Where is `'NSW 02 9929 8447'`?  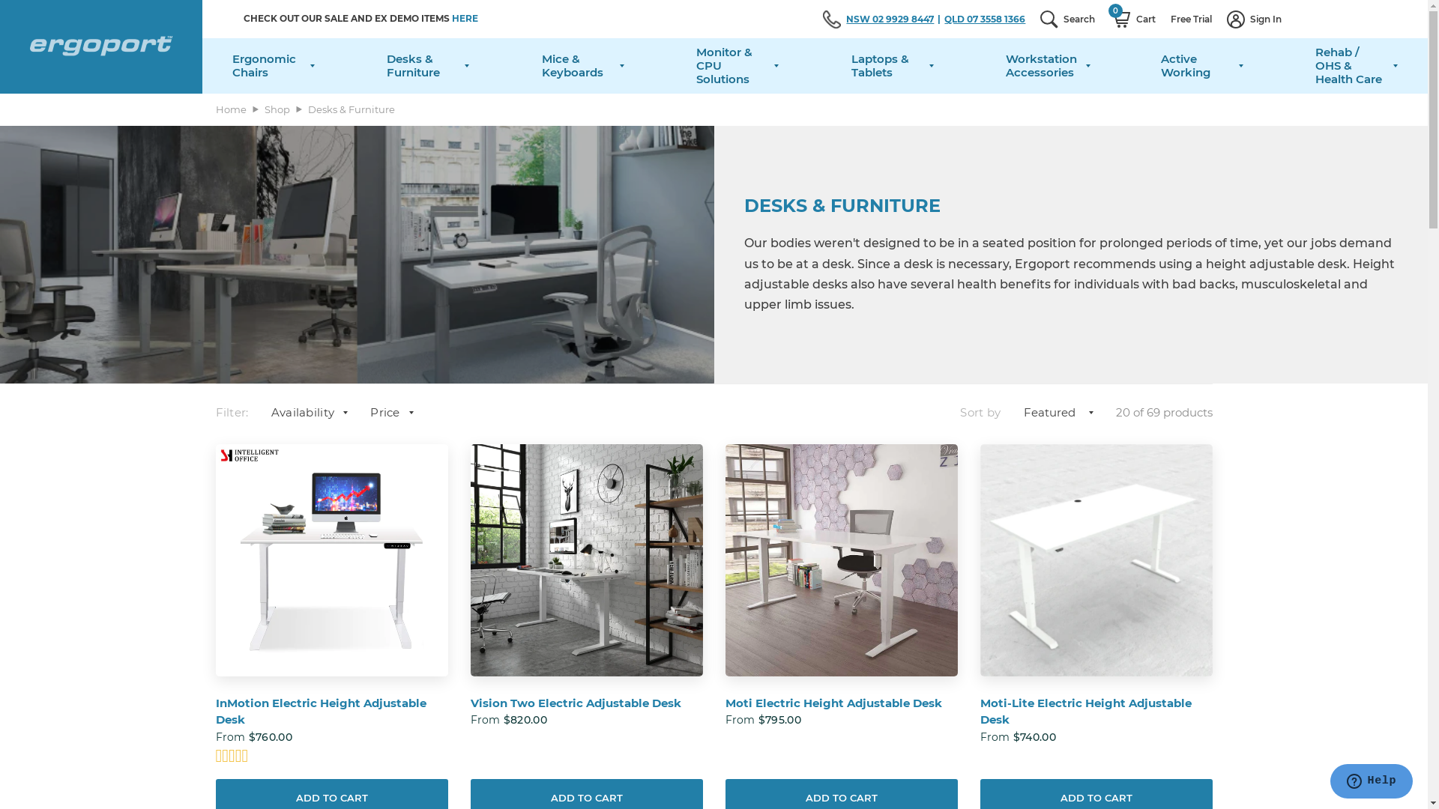
'NSW 02 9929 8447' is located at coordinates (895, 19).